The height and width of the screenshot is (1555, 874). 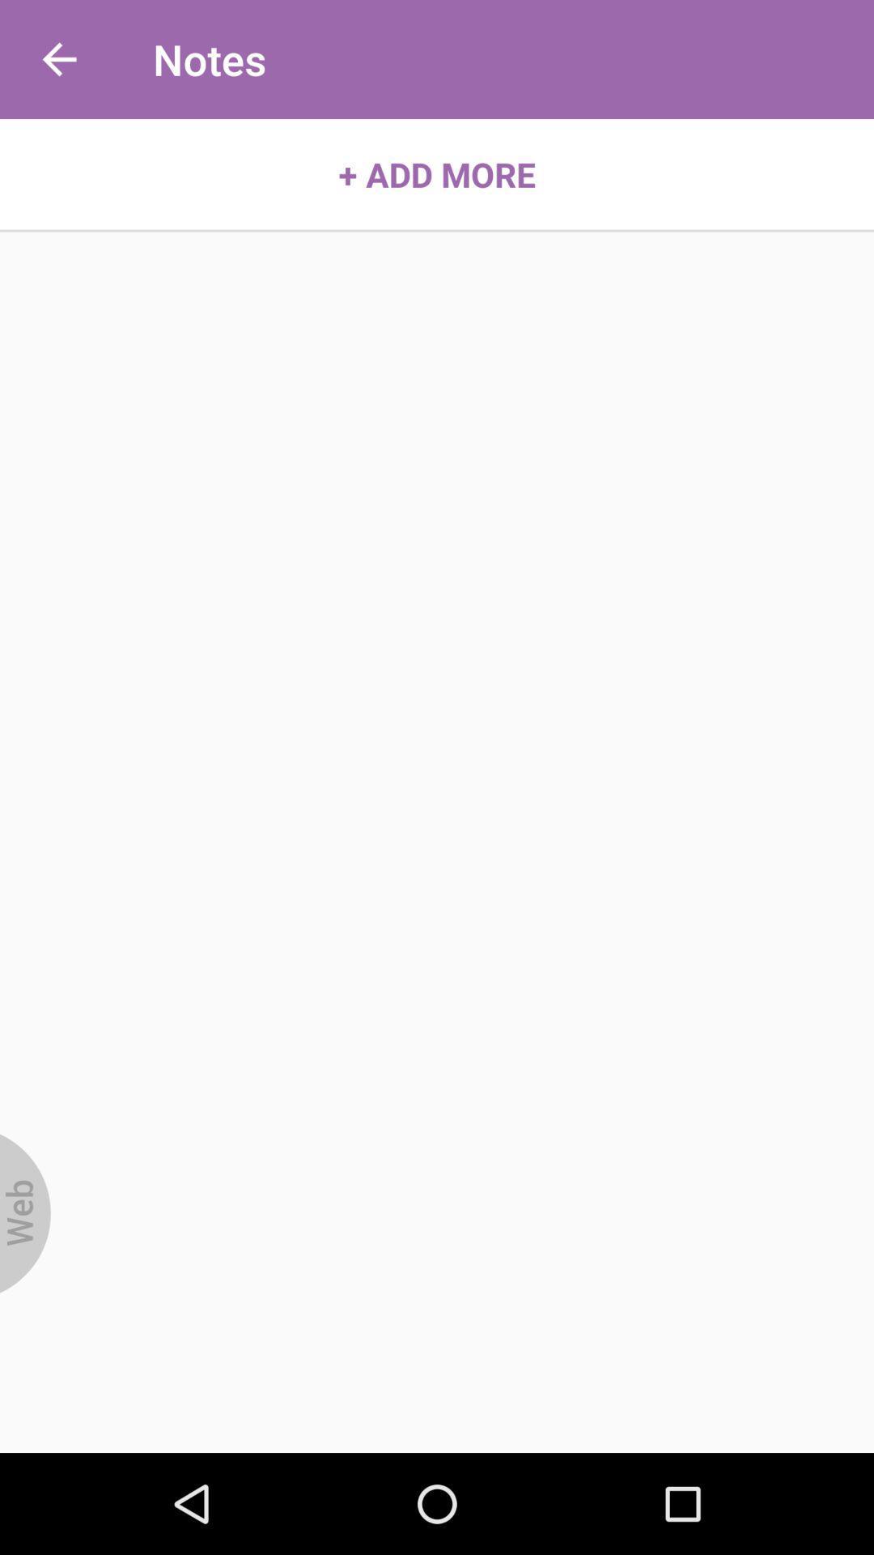 I want to click on google search, so click(x=25, y=1213).